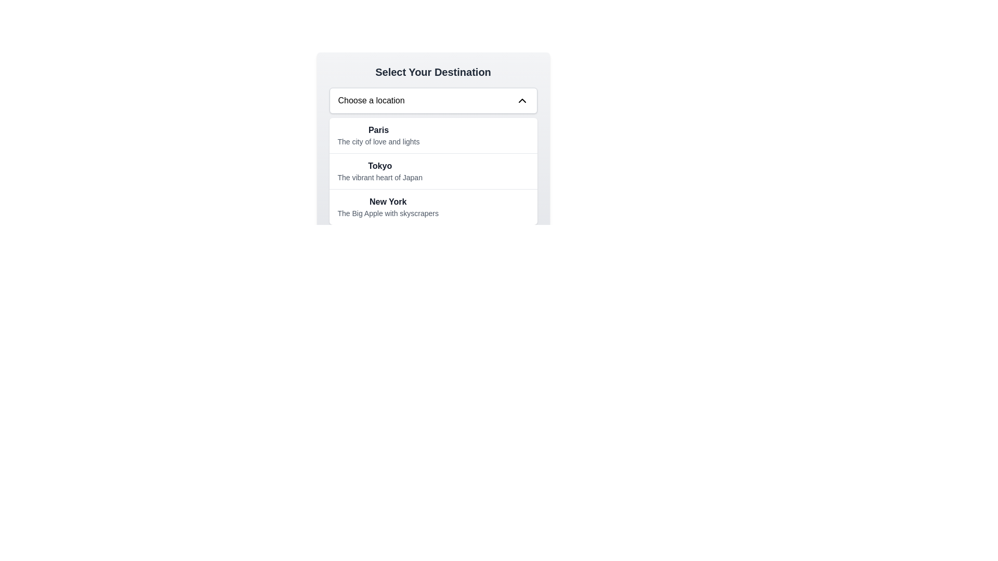  I want to click on the descriptive subtitle text label located directly below the primary label 'Paris' in the 'Select Your Destination' dropdown menu, so click(378, 142).